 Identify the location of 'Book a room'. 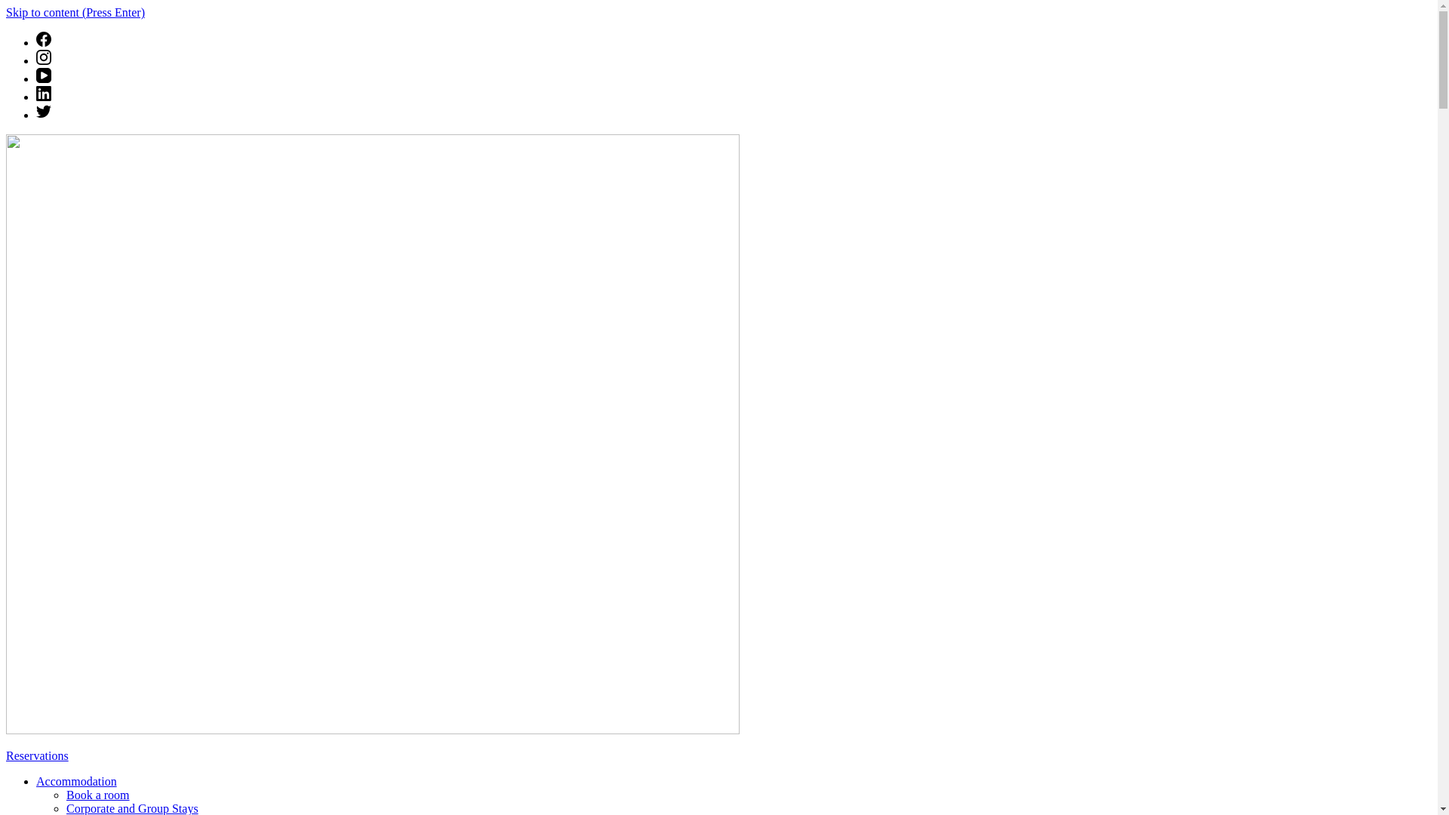
(97, 794).